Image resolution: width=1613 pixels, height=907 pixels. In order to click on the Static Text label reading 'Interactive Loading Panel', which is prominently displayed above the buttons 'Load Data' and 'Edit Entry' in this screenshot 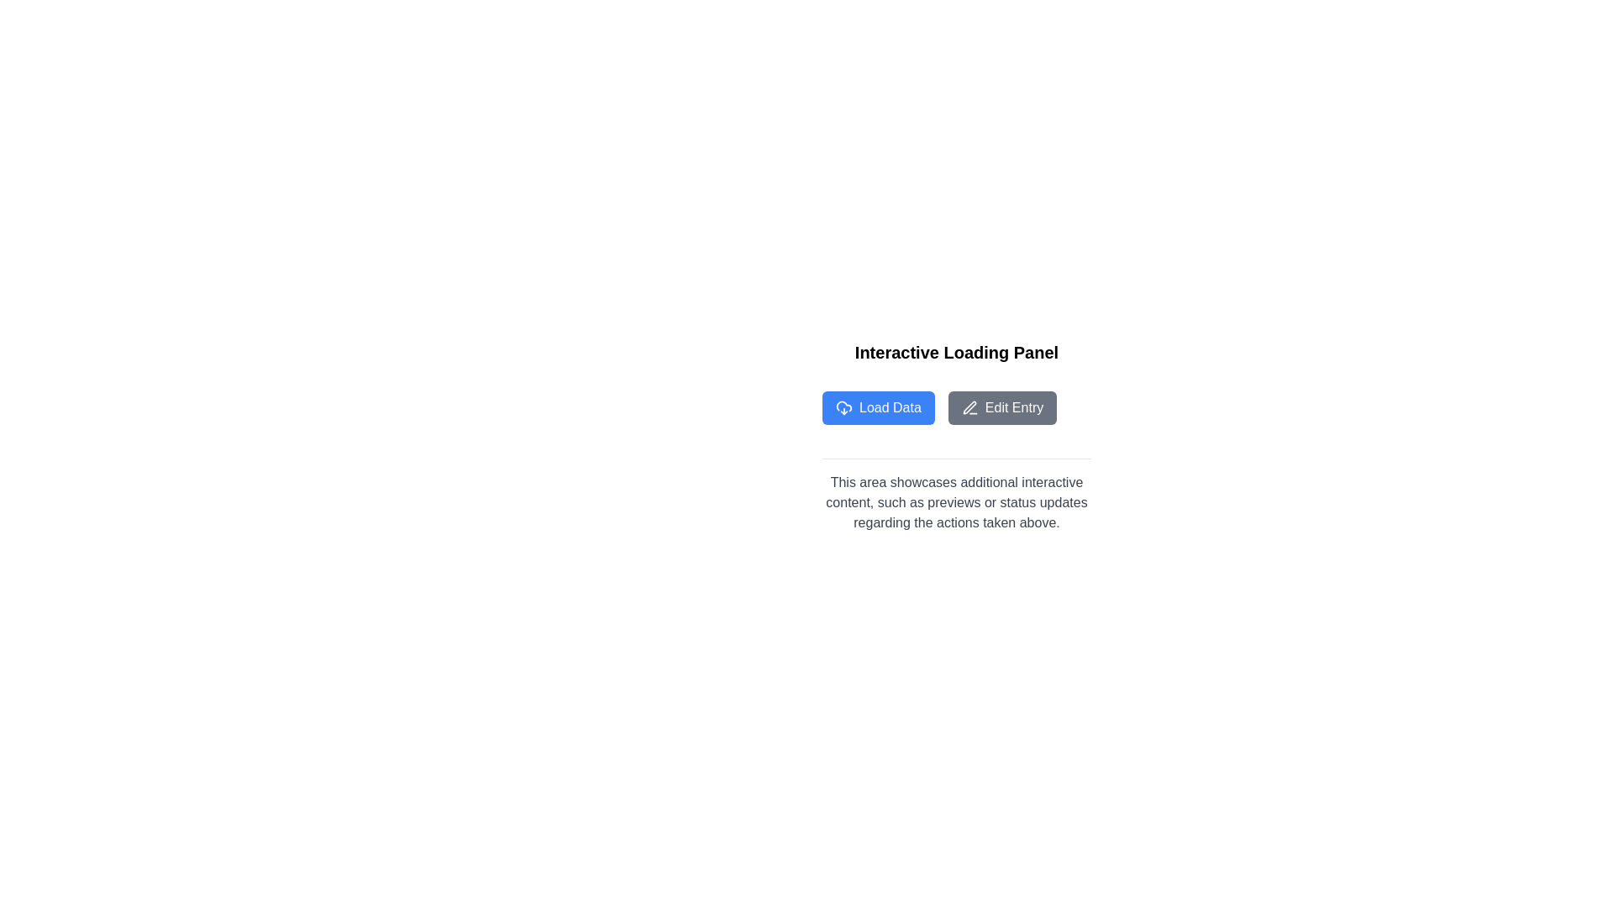, I will do `click(956, 352)`.